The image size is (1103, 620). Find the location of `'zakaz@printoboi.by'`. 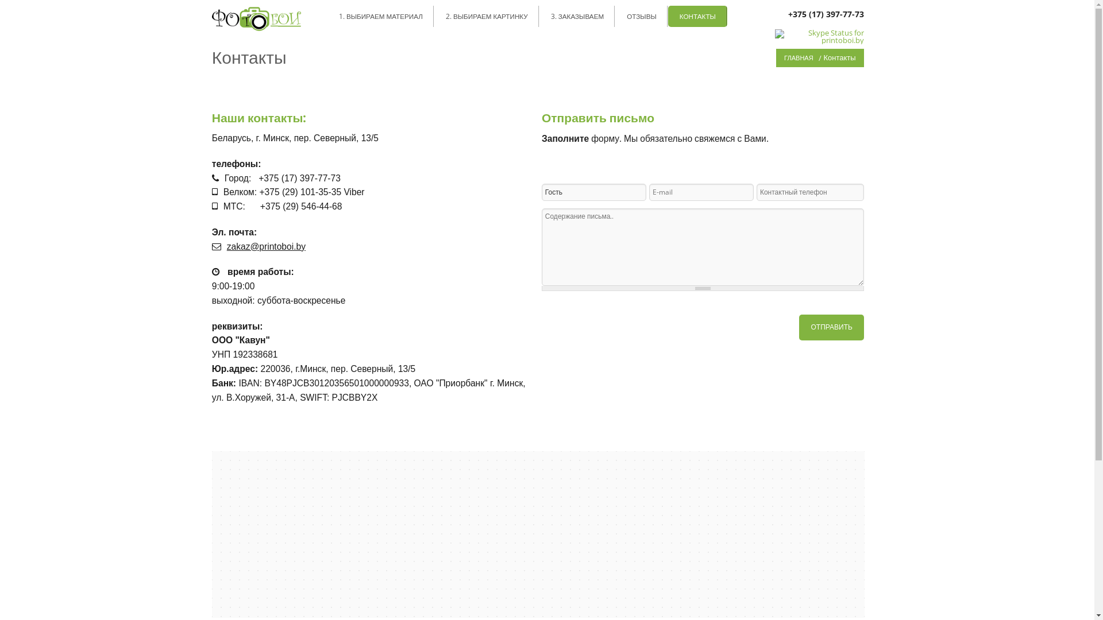

'zakaz@printoboi.by' is located at coordinates (265, 246).